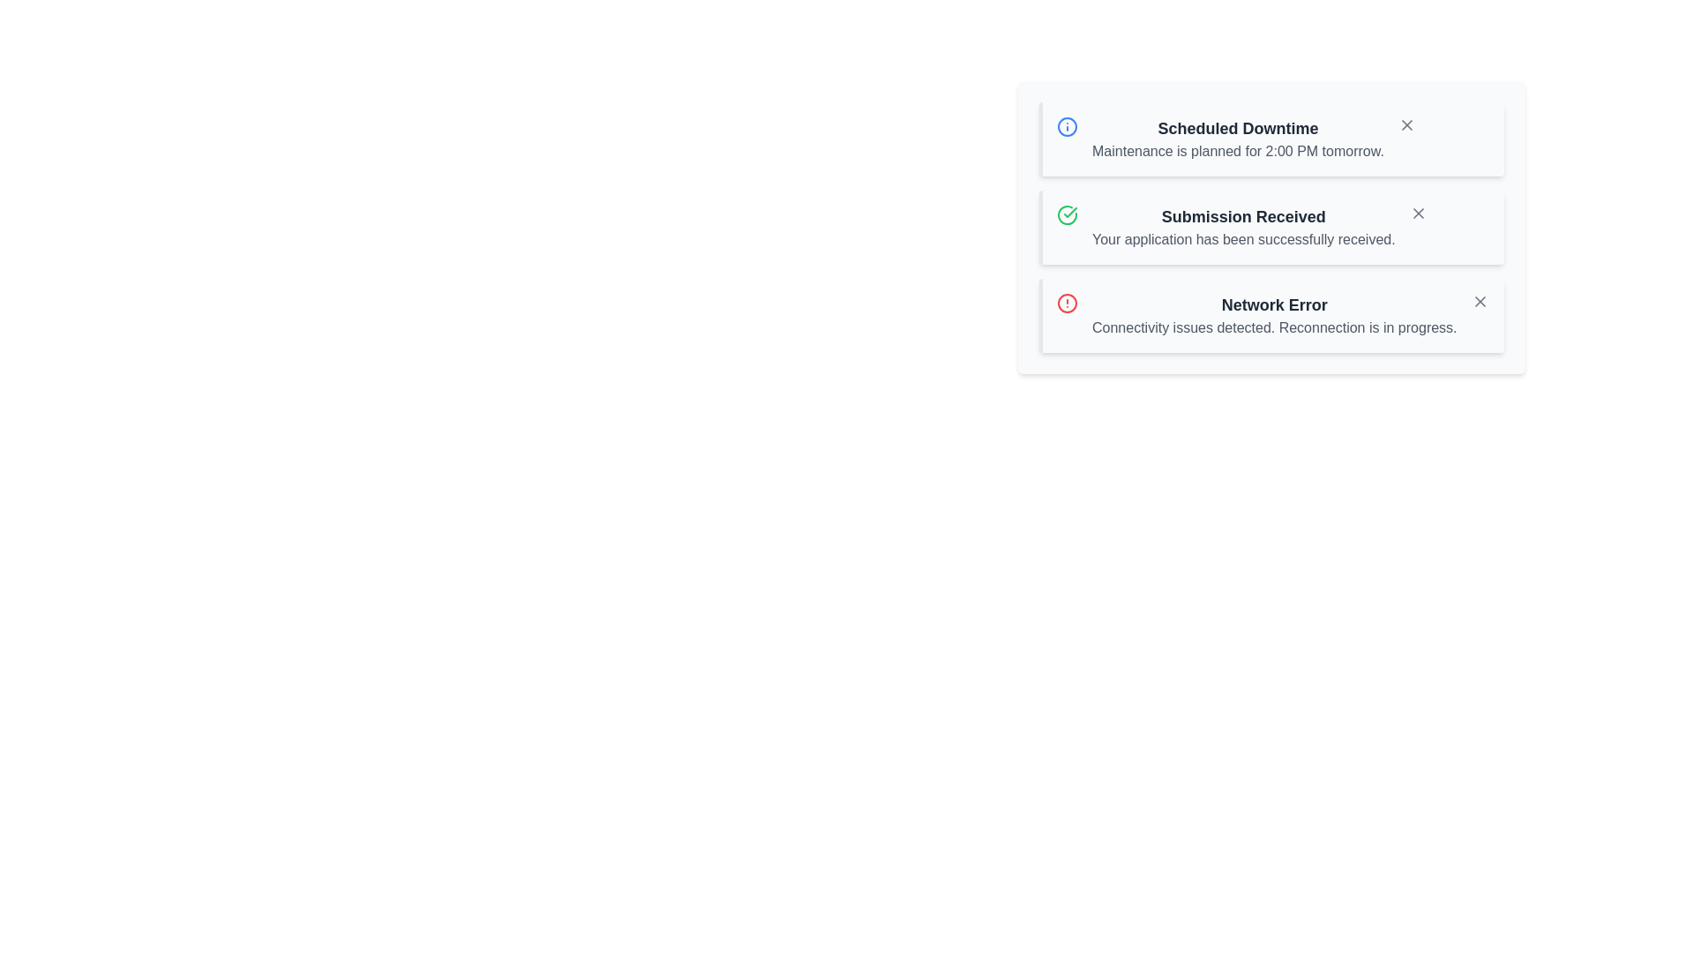  Describe the element at coordinates (1274, 315) in the screenshot. I see `the 'Network Error' notification element` at that location.